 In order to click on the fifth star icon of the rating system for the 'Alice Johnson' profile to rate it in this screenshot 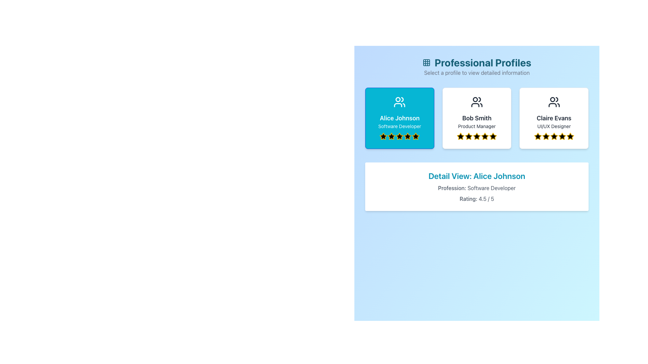, I will do `click(415, 136)`.